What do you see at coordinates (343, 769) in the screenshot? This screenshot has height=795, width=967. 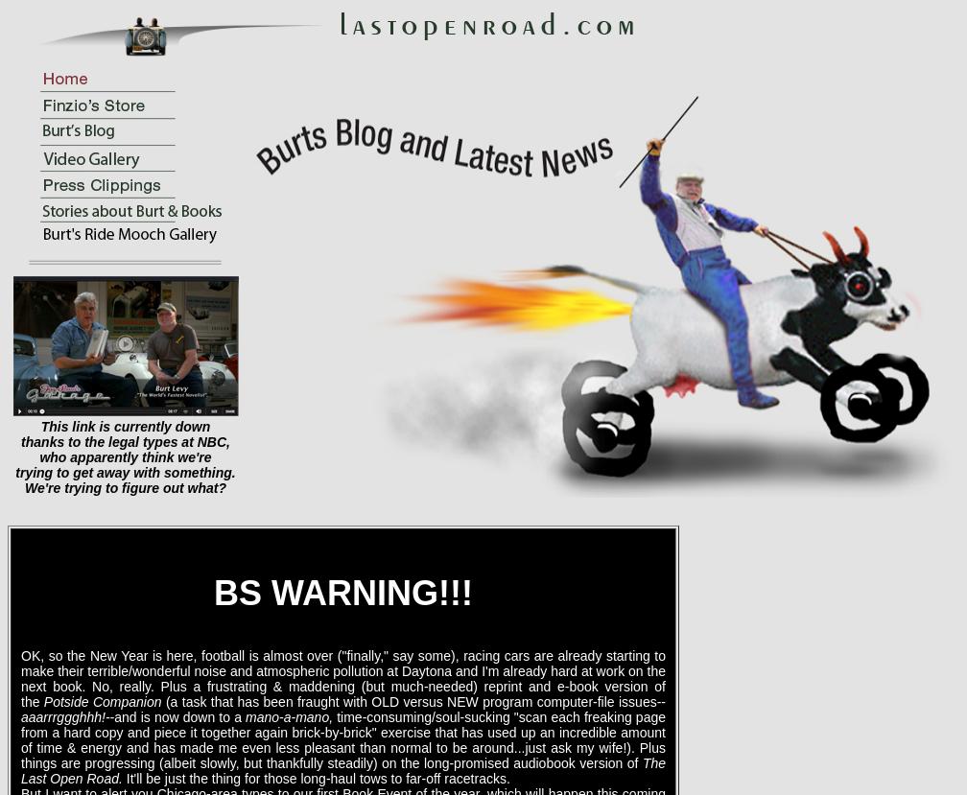 I see `'The Last Open Road.'` at bounding box center [343, 769].